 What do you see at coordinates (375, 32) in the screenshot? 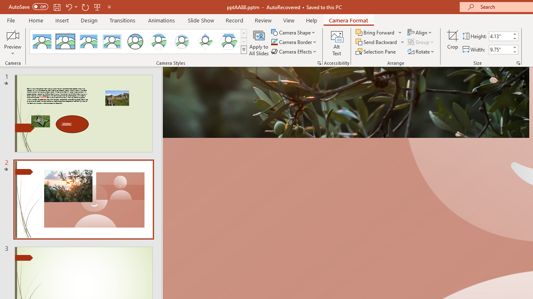
I see `'Bring Forward'` at bounding box center [375, 32].